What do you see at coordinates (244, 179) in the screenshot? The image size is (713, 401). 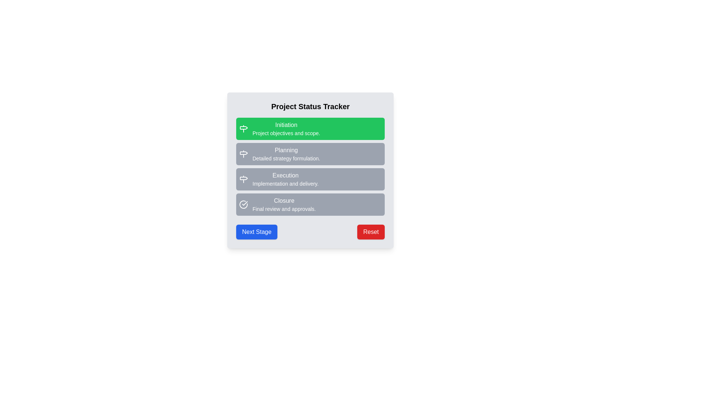 I see `the third icon representing milestones or achievements, which is positioned to the left of the text 'Execution Implementation and delivery.'` at bounding box center [244, 179].